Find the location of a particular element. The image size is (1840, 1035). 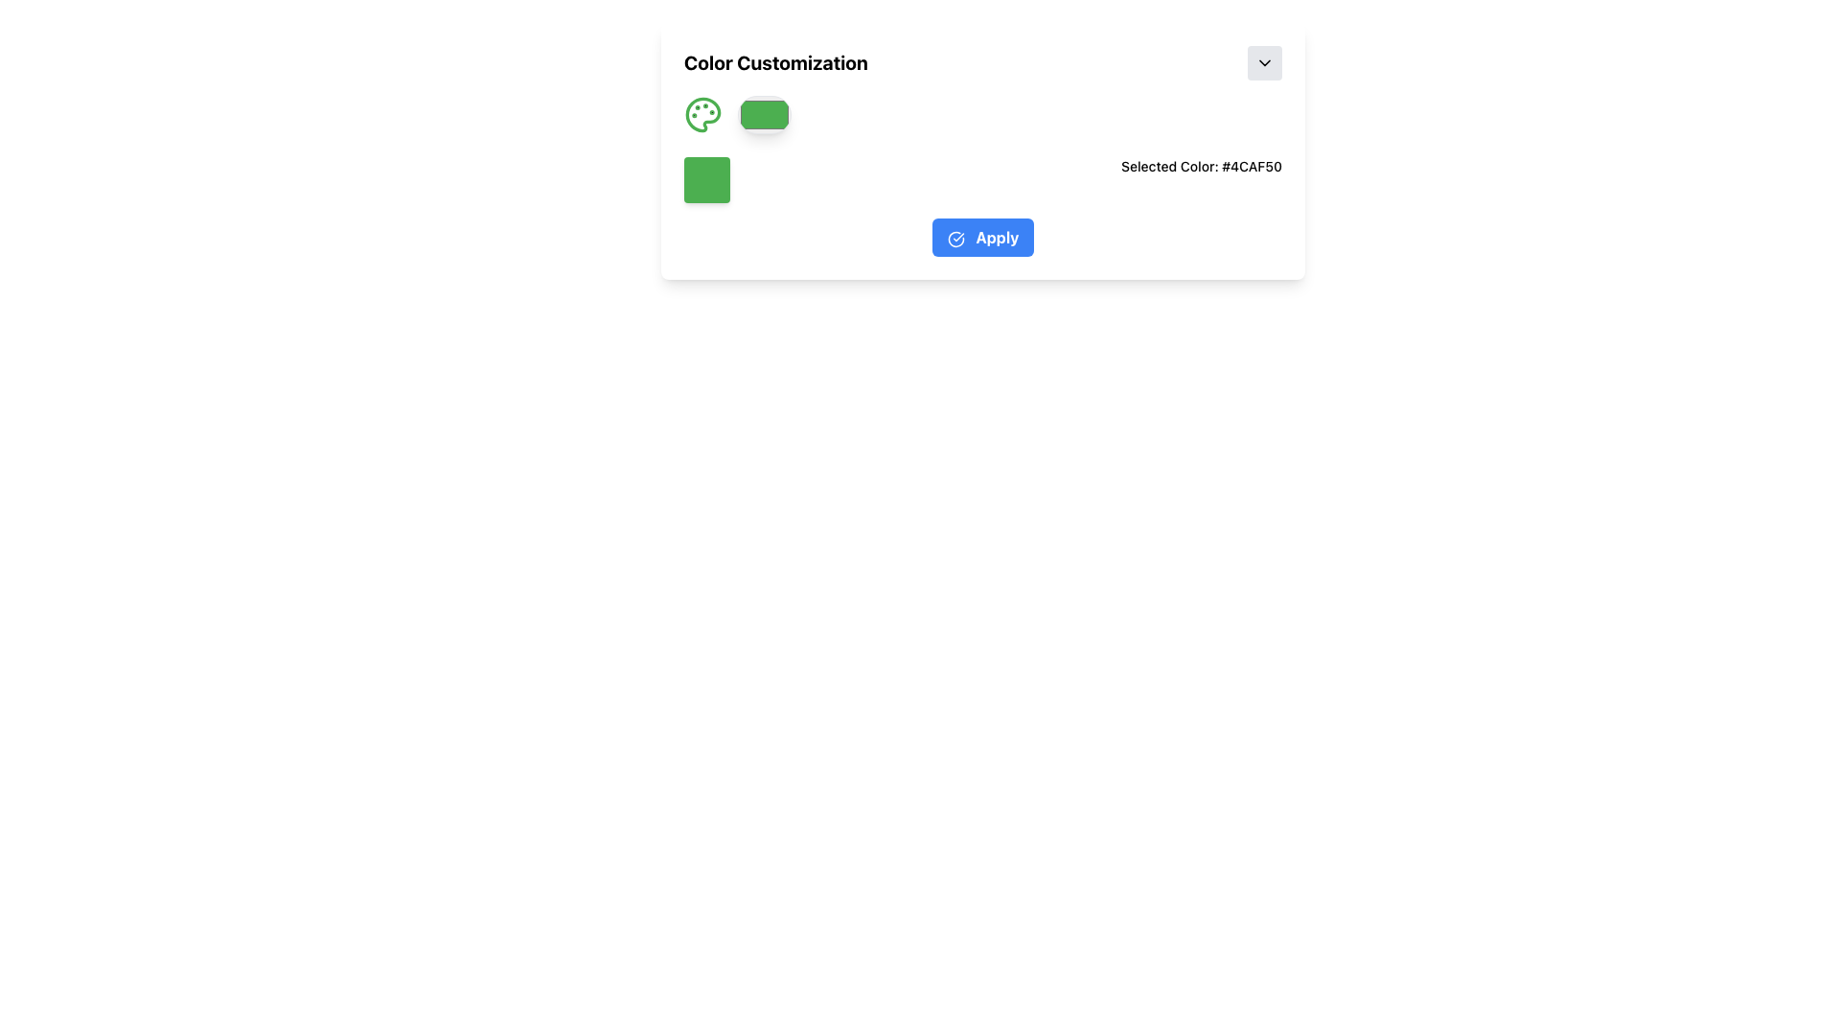

the text label displaying 'Selected Color: #4CAF50' located on the right side of the color customization modal is located at coordinates (1201, 180).